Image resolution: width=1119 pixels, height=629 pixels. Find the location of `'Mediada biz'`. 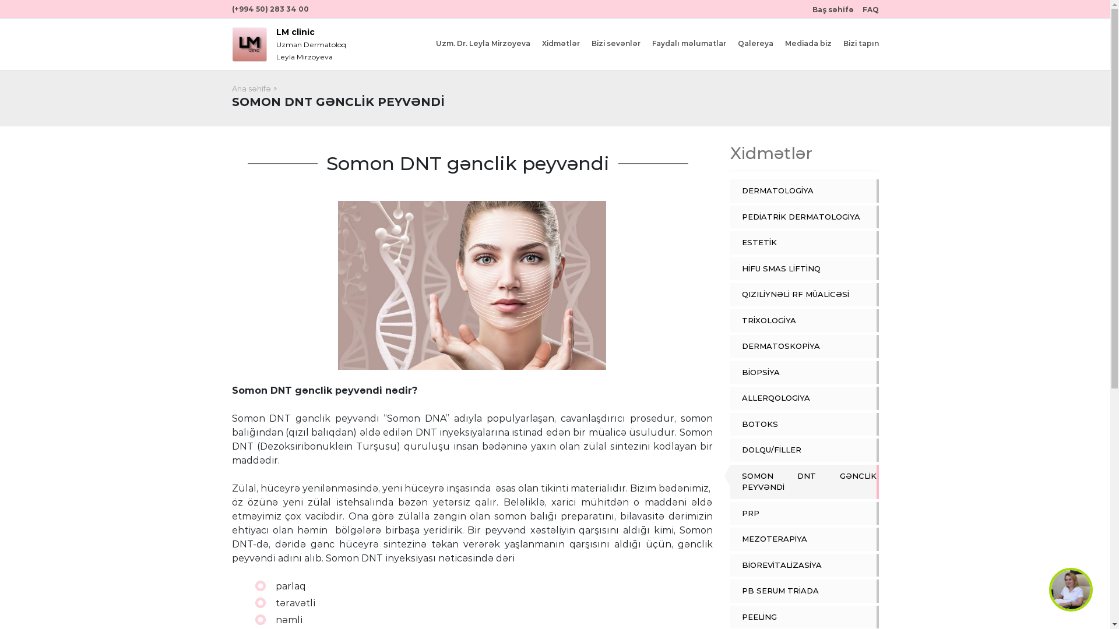

'Mediada biz' is located at coordinates (784, 43).